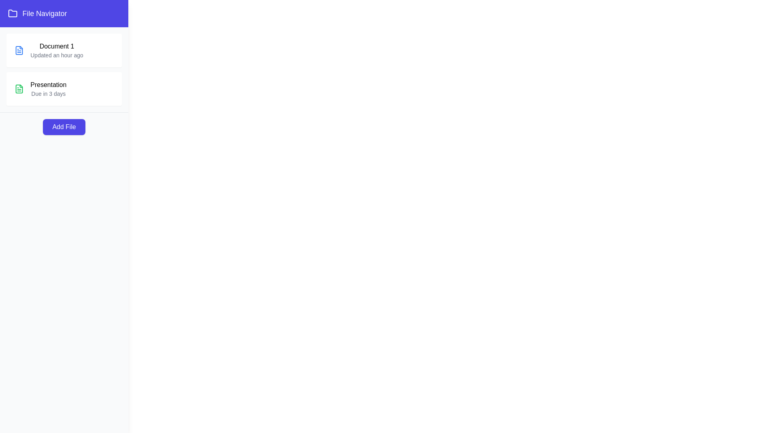 This screenshot has width=770, height=433. What do you see at coordinates (63, 126) in the screenshot?
I see `'Add File' button to initiate the file addition process` at bounding box center [63, 126].